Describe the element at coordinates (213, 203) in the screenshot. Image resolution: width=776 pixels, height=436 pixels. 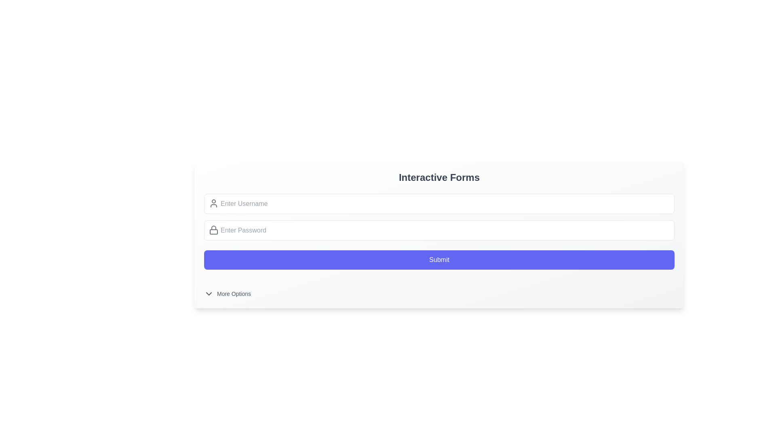
I see `the user's profile icon, which is a small gray vector graphic located in the top-left corner of the 'Enter Username' input field` at that location.